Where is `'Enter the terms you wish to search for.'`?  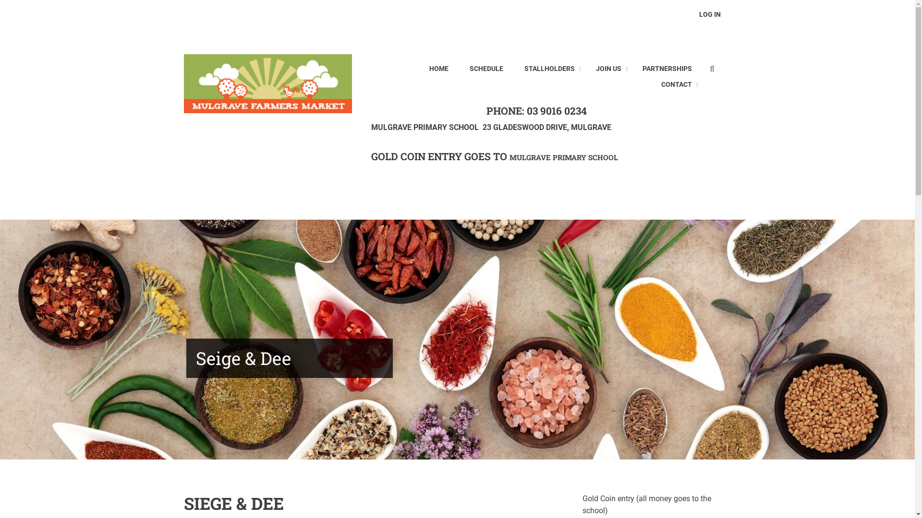
'Enter the terms you wish to search for.' is located at coordinates (710, 68).